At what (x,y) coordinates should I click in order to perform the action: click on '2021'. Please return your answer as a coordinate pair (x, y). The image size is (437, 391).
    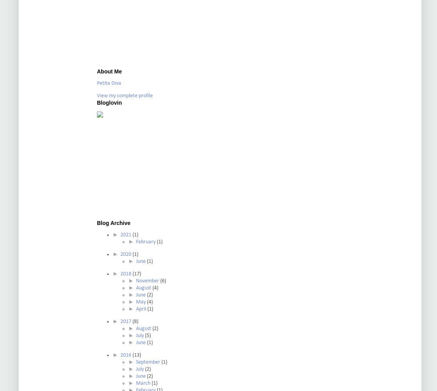
    Looking at the image, I should click on (125, 235).